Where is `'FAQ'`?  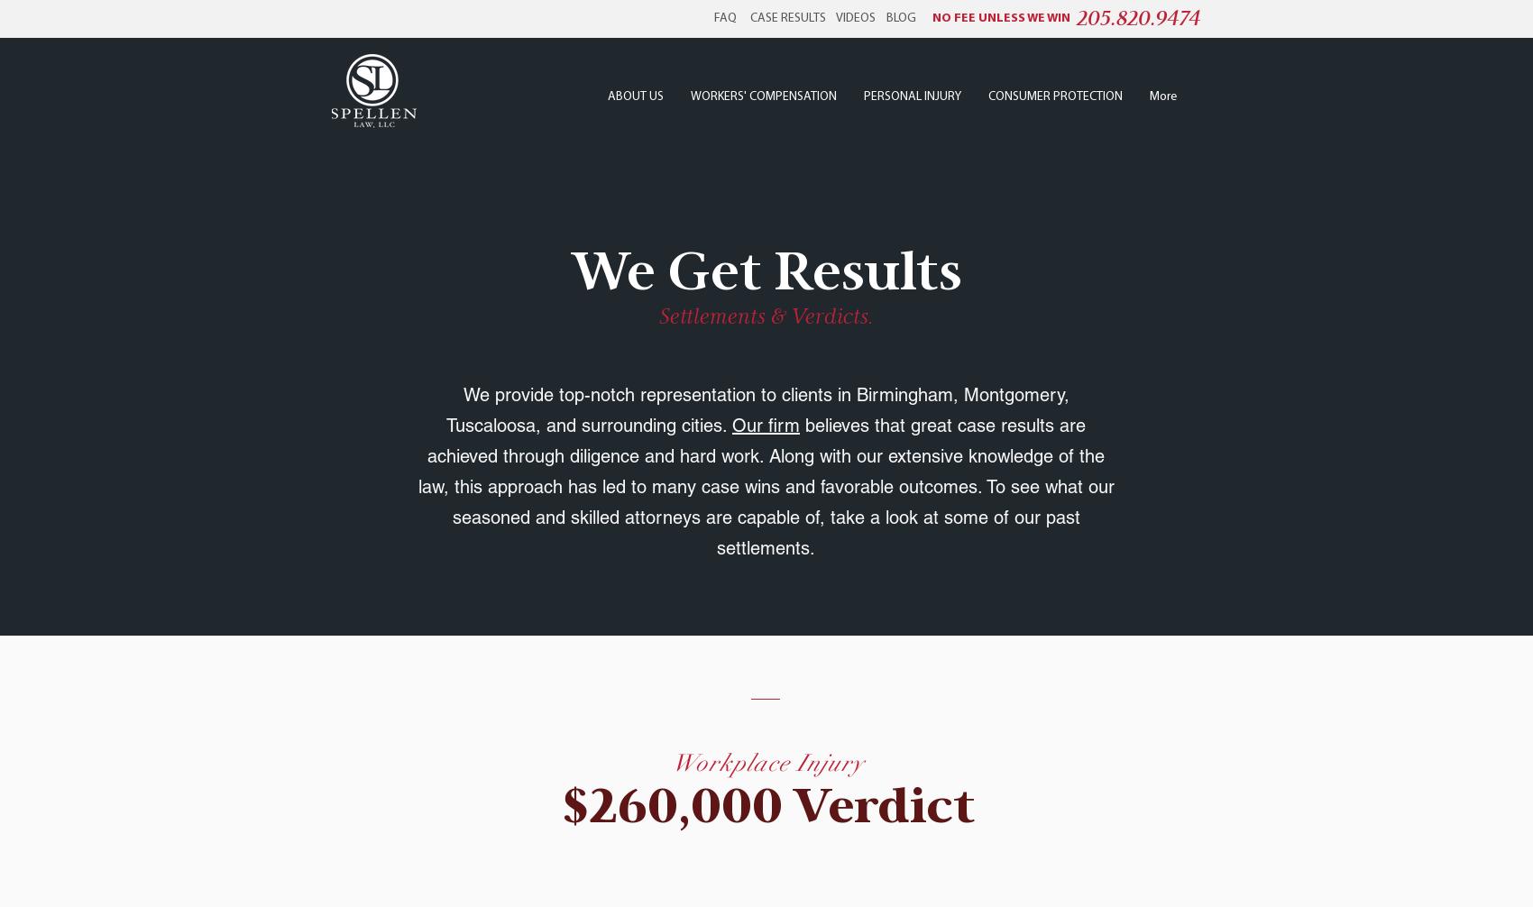
'FAQ' is located at coordinates (713, 18).